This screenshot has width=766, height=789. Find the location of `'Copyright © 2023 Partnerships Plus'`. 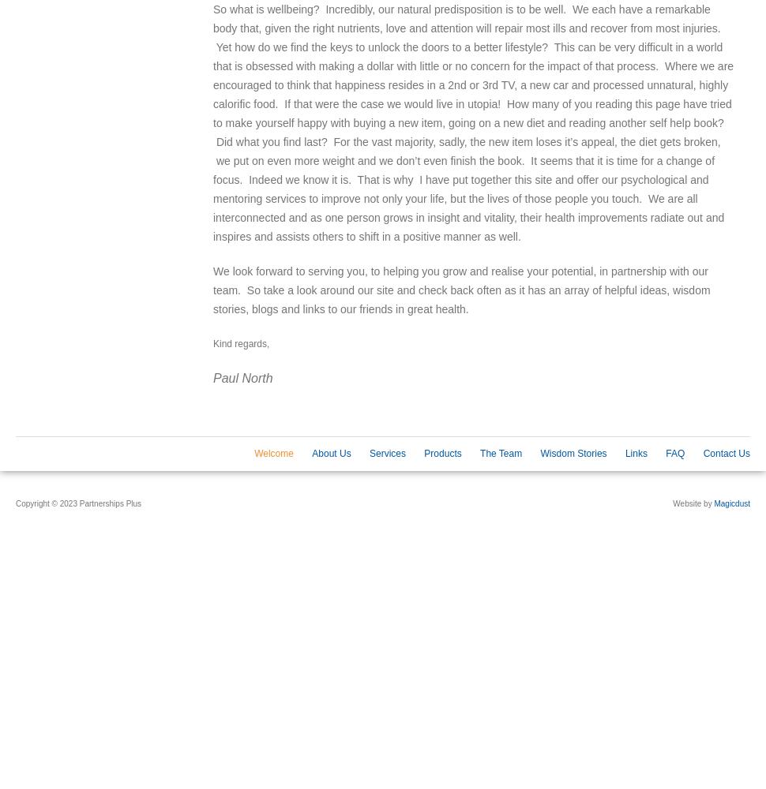

'Copyright © 2023 Partnerships Plus' is located at coordinates (15, 503).